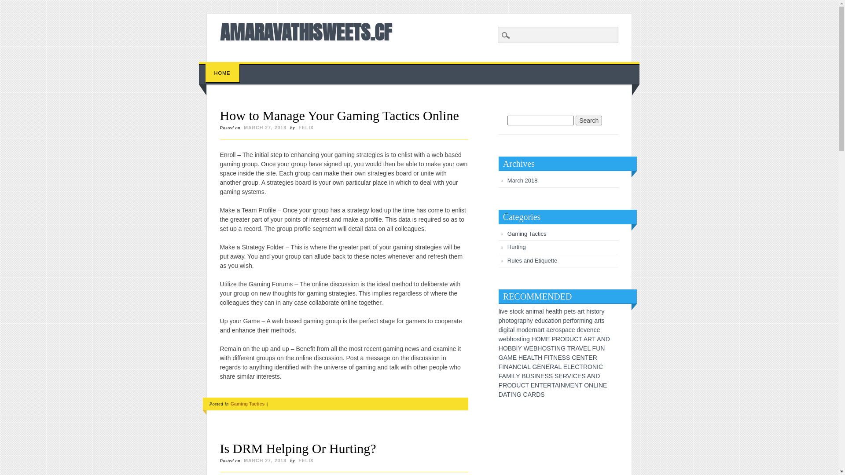 Image resolution: width=845 pixels, height=475 pixels. What do you see at coordinates (222, 73) in the screenshot?
I see `'HOME'` at bounding box center [222, 73].